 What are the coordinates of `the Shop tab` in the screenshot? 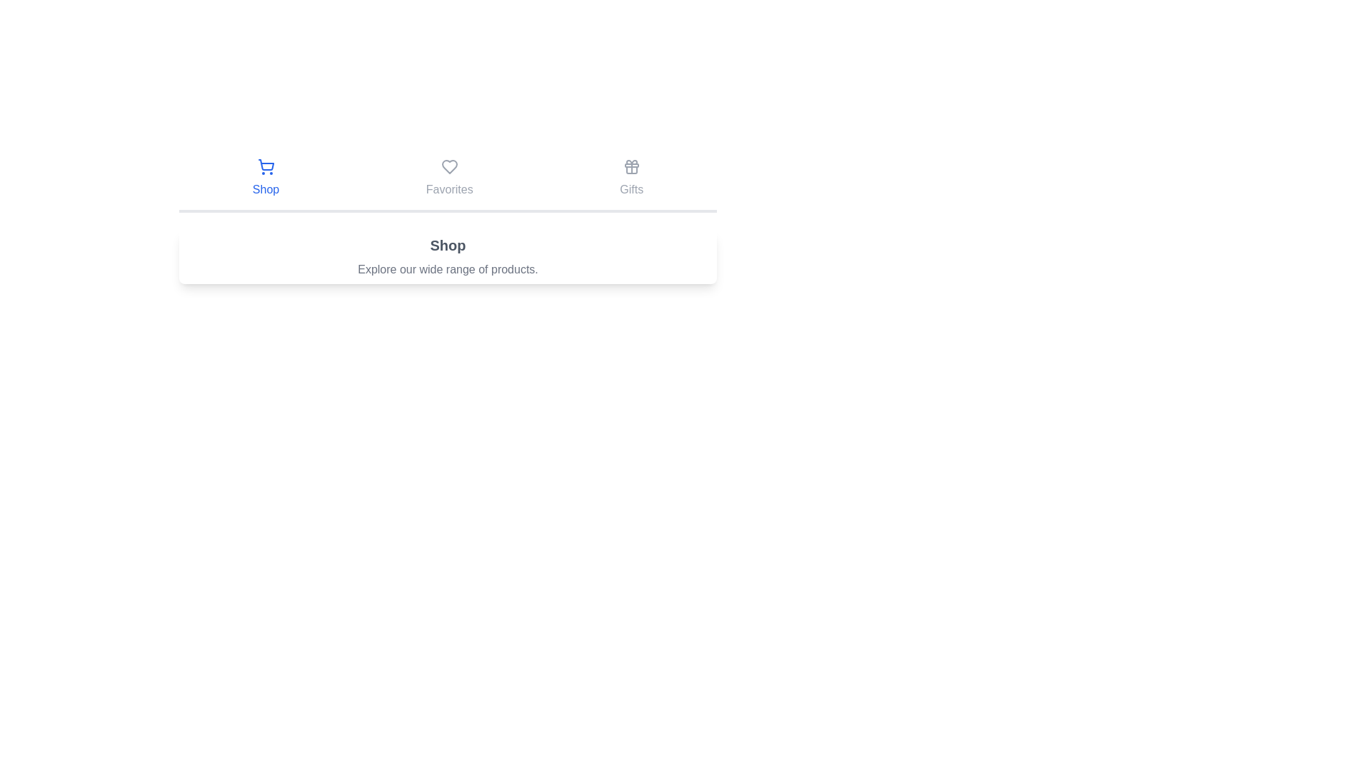 It's located at (266, 178).